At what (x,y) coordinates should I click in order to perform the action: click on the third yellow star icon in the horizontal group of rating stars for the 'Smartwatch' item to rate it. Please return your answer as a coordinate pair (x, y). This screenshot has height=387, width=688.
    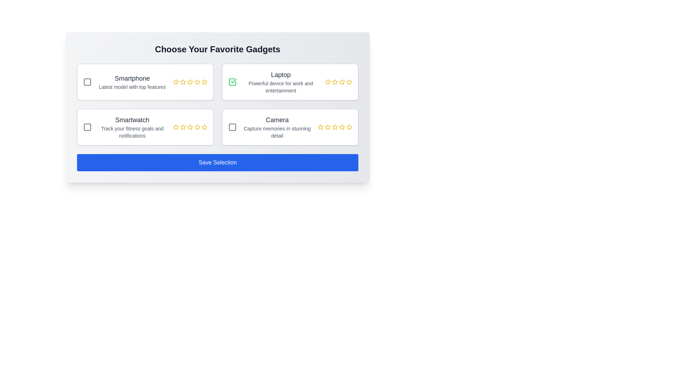
    Looking at the image, I should click on (190, 126).